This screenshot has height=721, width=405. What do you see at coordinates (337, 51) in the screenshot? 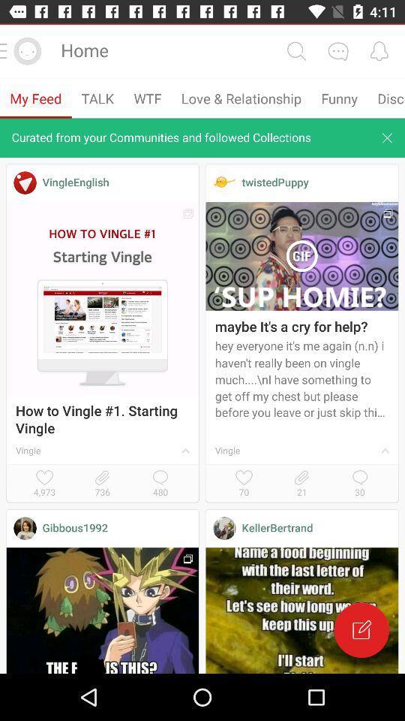
I see `the chat icon` at bounding box center [337, 51].